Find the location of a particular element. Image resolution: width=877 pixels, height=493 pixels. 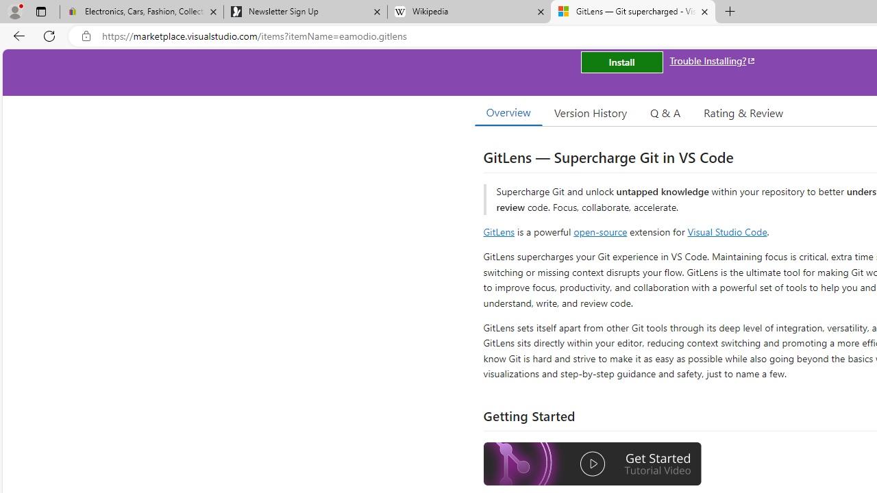

'New Tab' is located at coordinates (730, 12).